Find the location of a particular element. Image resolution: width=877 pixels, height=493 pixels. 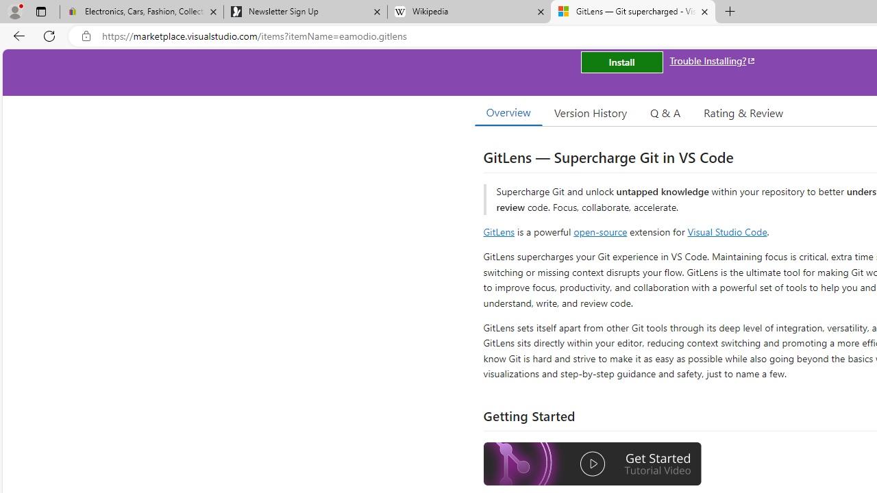

'New Tab' is located at coordinates (730, 12).